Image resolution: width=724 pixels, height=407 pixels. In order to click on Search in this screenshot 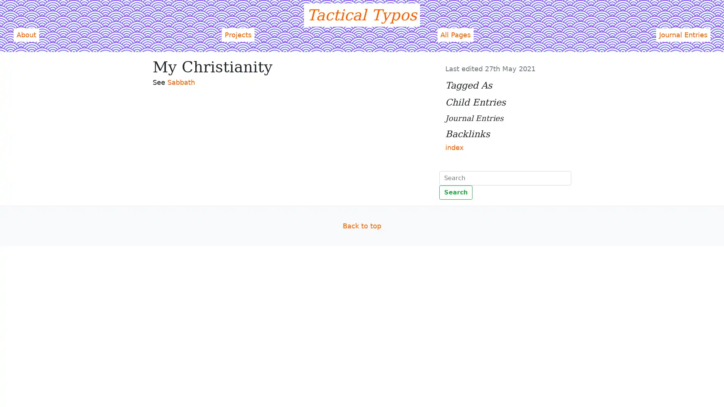, I will do `click(456, 191)`.